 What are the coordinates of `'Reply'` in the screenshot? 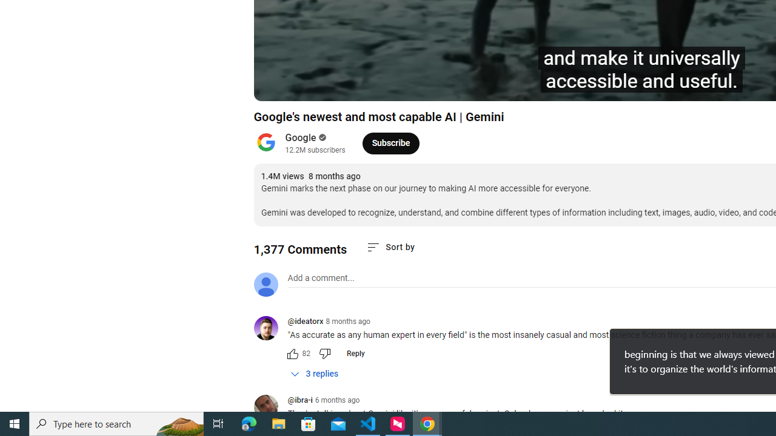 It's located at (355, 353).